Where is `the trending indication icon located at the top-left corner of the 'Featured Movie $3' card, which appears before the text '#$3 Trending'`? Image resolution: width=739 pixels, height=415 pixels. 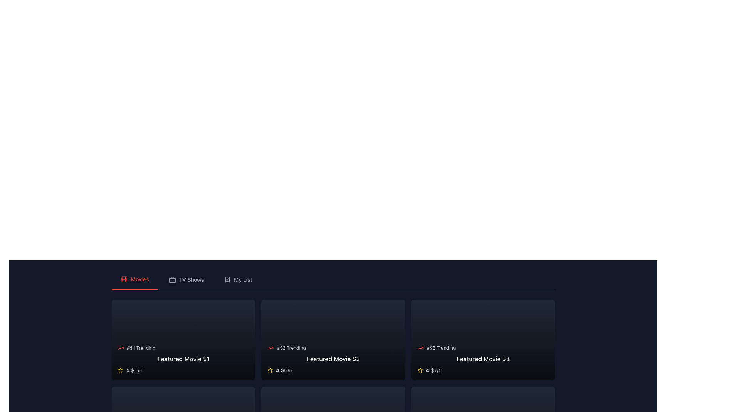
the trending indication icon located at the top-left corner of the 'Featured Movie $3' card, which appears before the text '#$3 Trending' is located at coordinates (420, 348).